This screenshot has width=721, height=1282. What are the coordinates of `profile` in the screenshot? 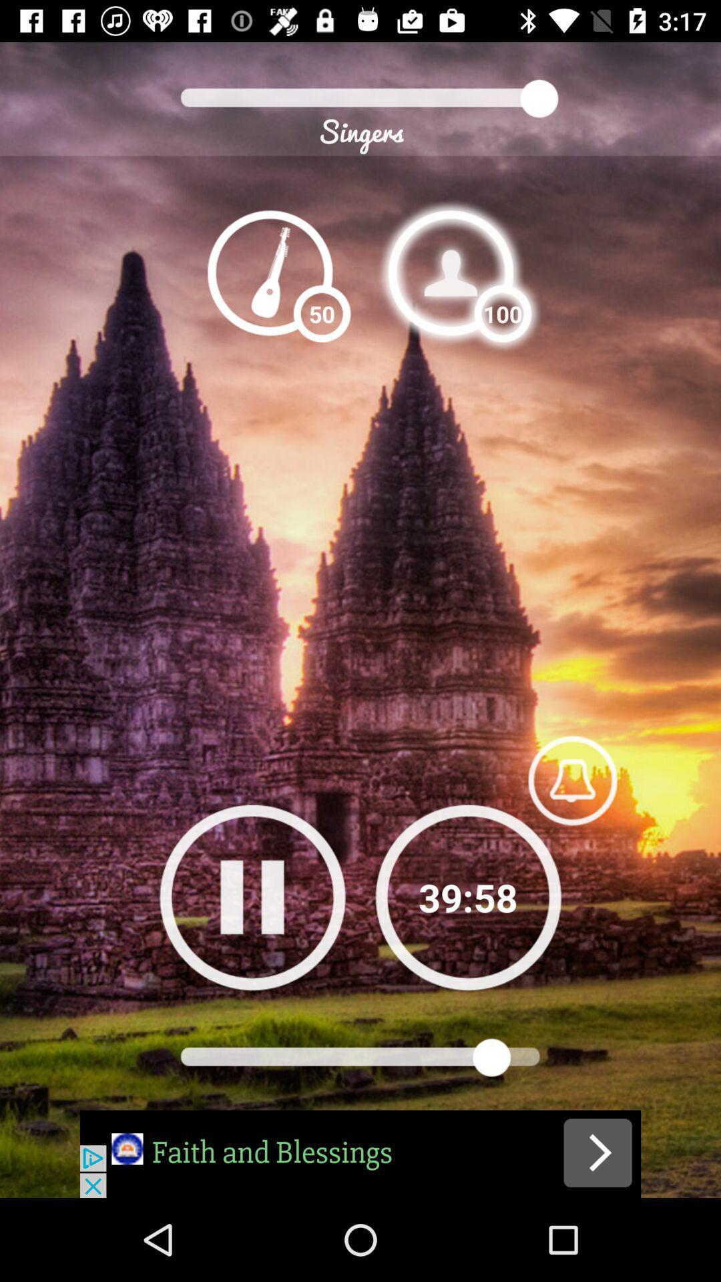 It's located at (451, 272).